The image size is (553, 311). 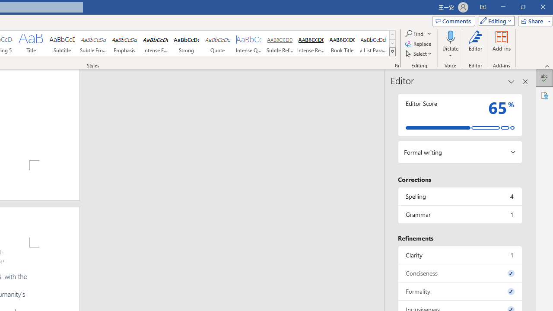 What do you see at coordinates (459, 291) in the screenshot?
I see `'Formality, 0 issues. Press space or enter to review items.'` at bounding box center [459, 291].